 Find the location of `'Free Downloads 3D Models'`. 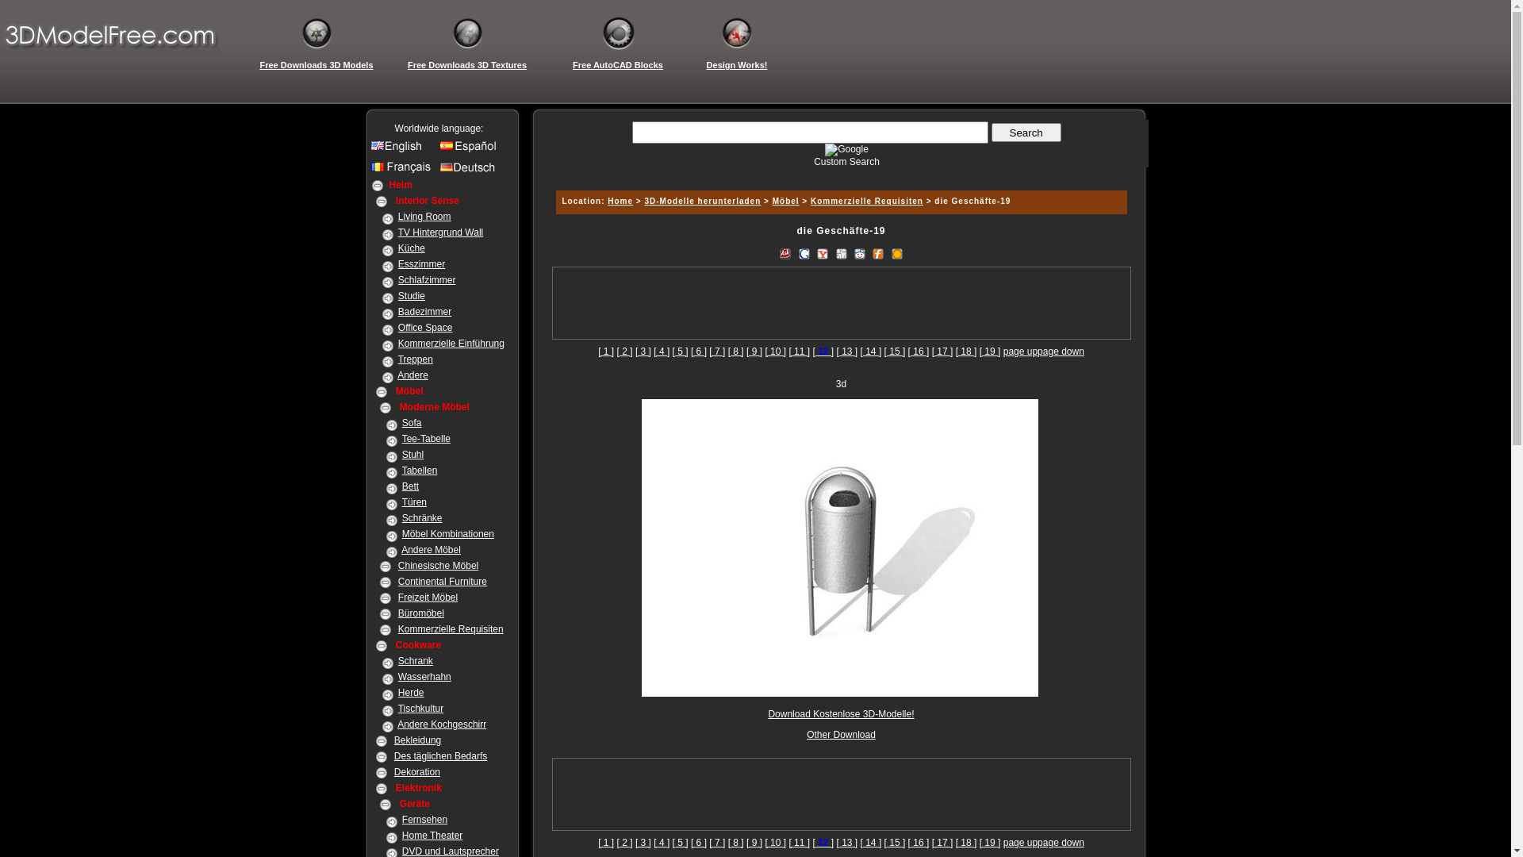

'Free Downloads 3D Models' is located at coordinates (316, 63).